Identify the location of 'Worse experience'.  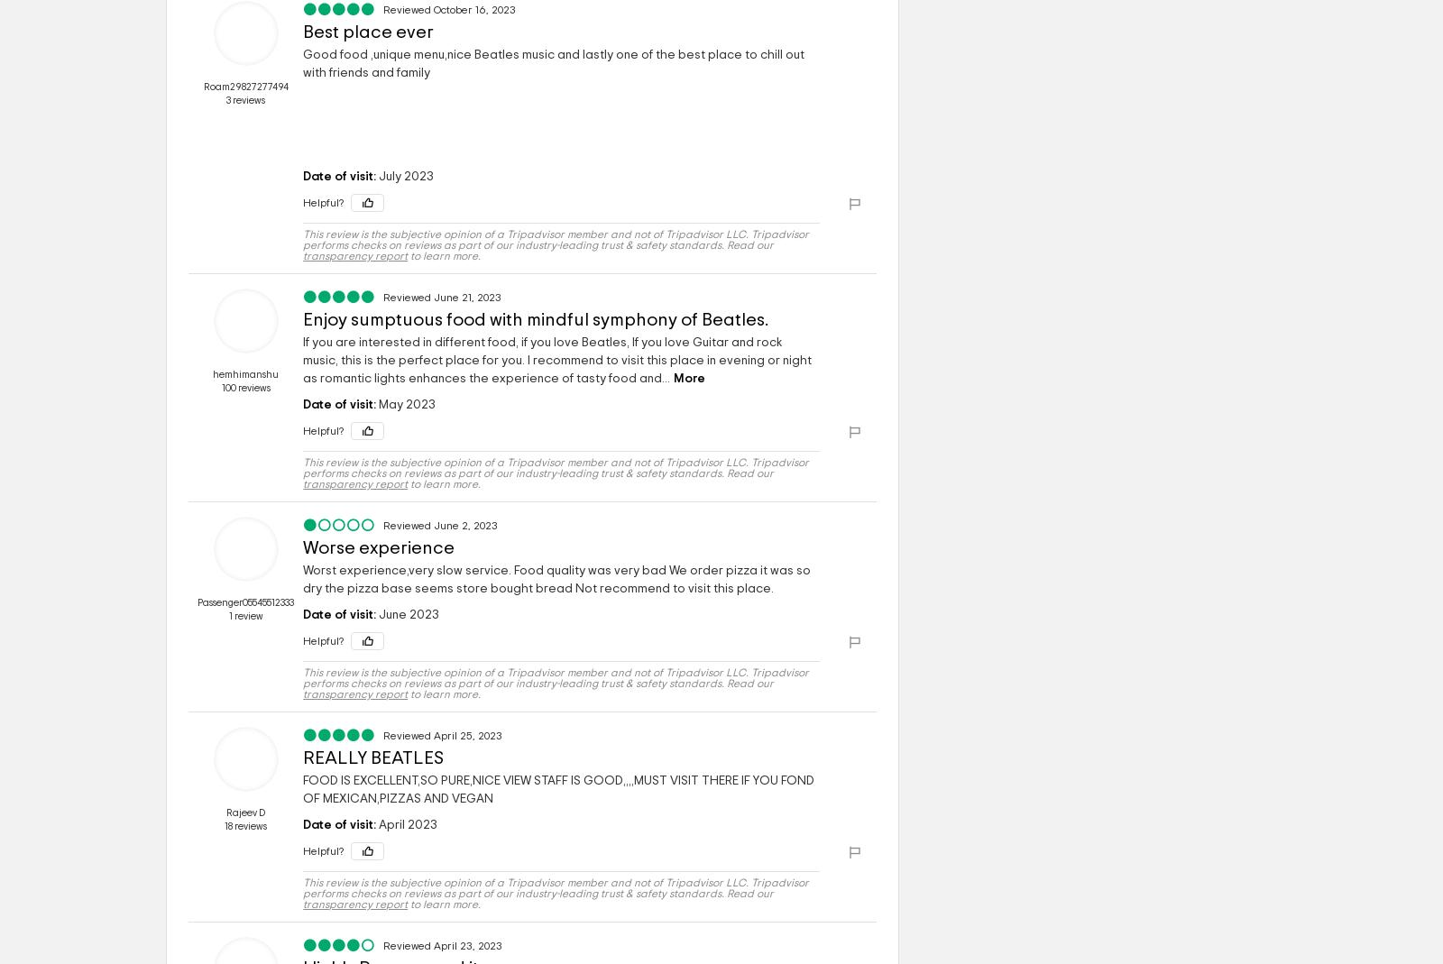
(378, 548).